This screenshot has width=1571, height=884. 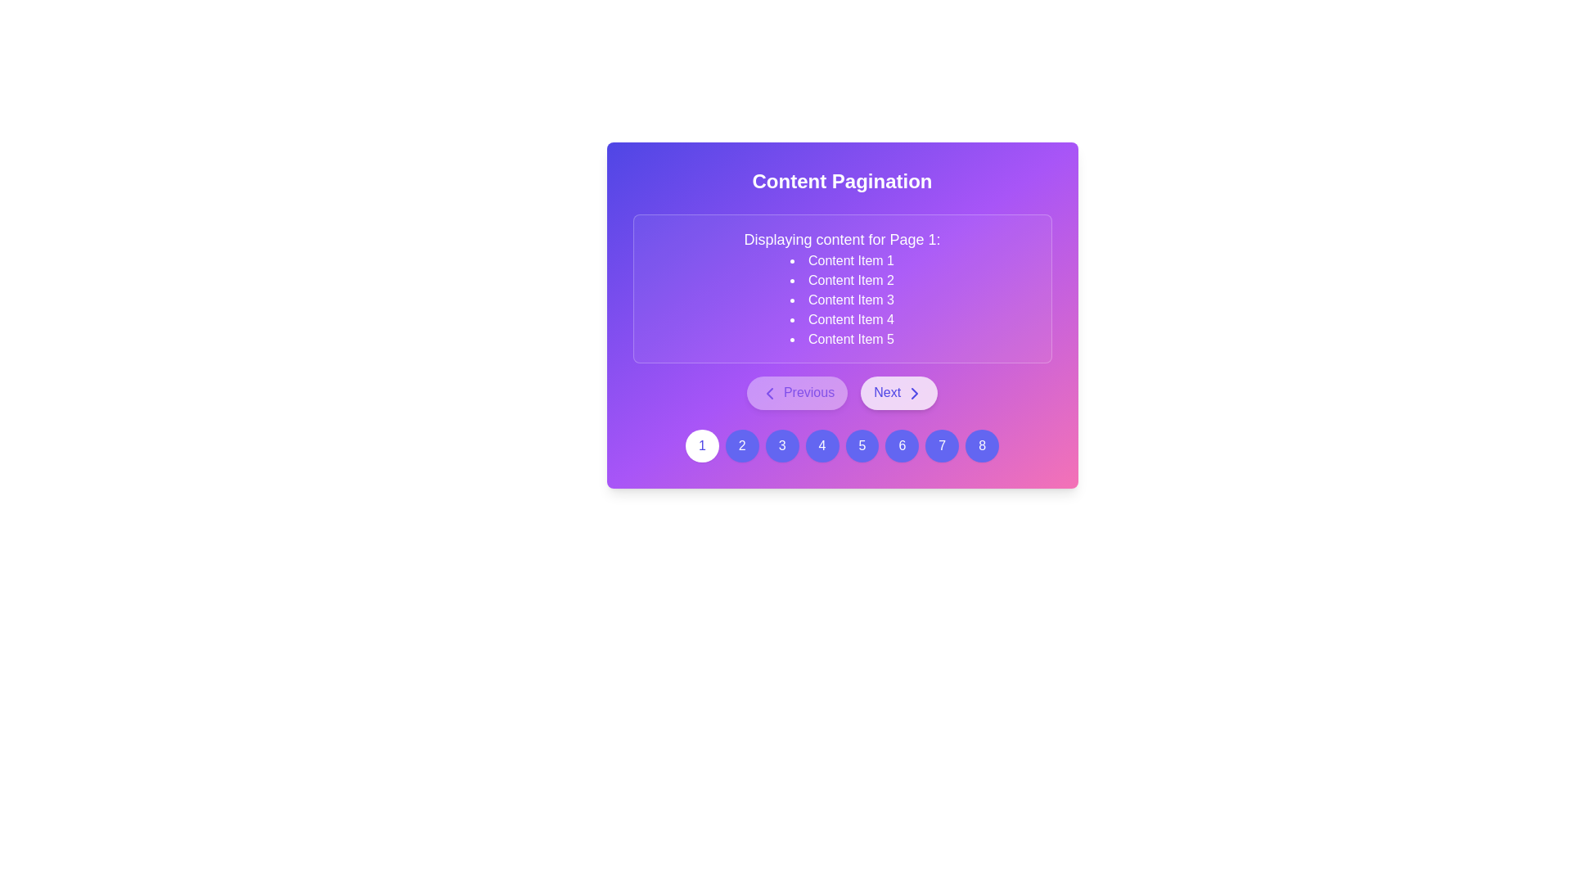 I want to click on the left arrow icon, which is a chevron styled navigation icon located to the left of the 'Previous' button's text, so click(x=769, y=393).